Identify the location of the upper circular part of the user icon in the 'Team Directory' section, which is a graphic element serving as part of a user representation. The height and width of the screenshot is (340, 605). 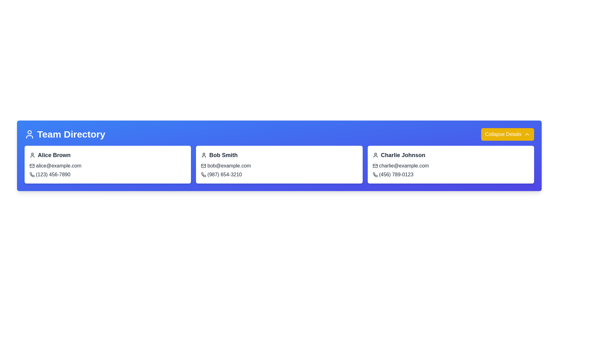
(29, 132).